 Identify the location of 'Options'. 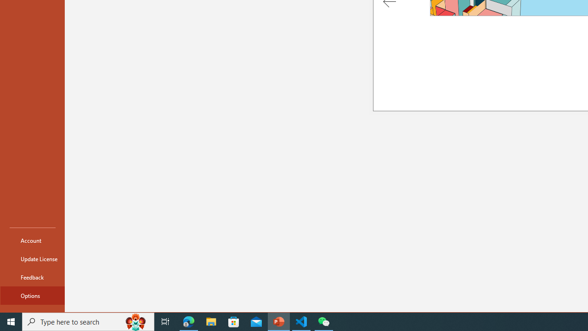
(33, 295).